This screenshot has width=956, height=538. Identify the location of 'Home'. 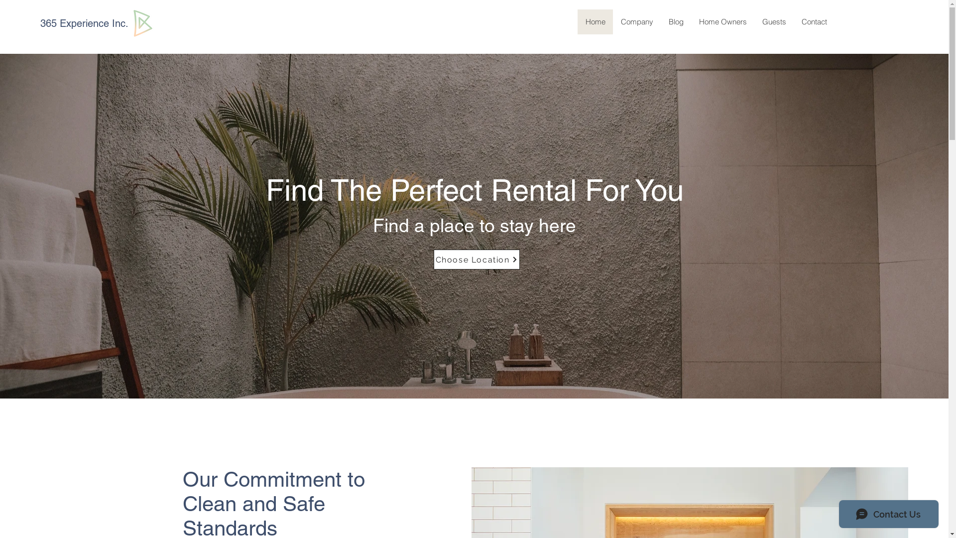
(595, 21).